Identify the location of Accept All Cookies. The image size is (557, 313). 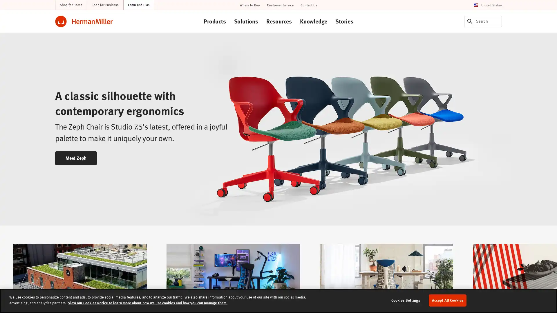
(447, 300).